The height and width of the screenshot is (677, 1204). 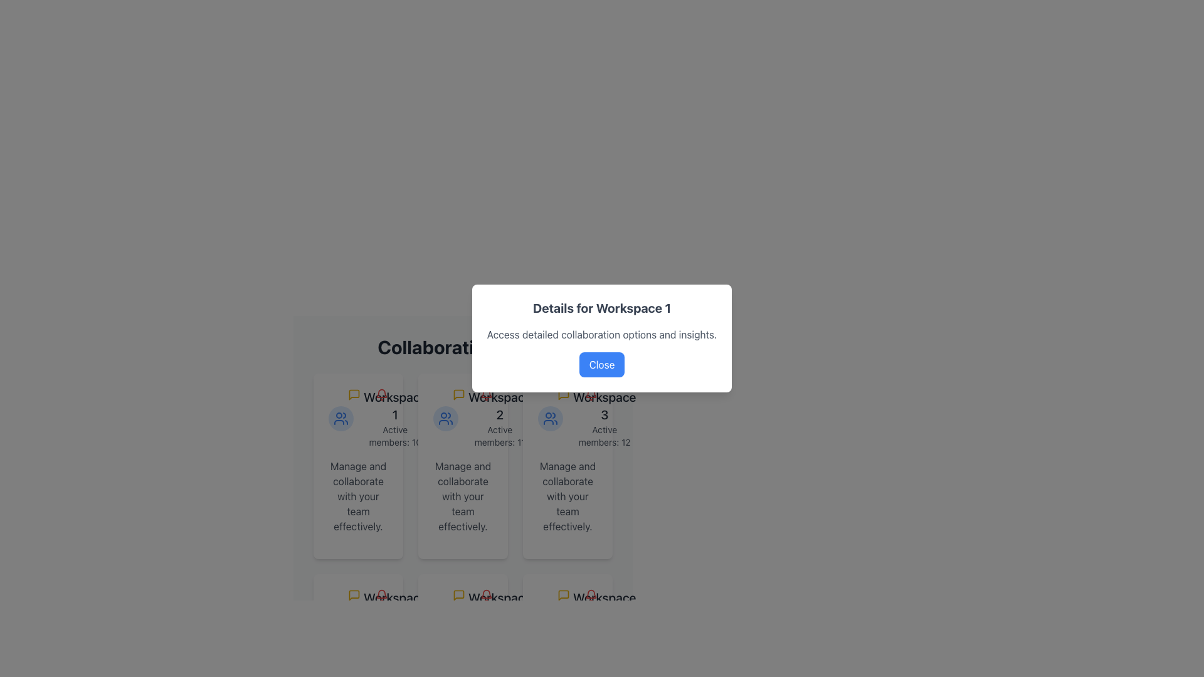 What do you see at coordinates (341, 418) in the screenshot?
I see `the Decorative Icon that visually represents 'members', located to the left of the title 'Workspace 1' and above the text 'Active members: 10'` at bounding box center [341, 418].